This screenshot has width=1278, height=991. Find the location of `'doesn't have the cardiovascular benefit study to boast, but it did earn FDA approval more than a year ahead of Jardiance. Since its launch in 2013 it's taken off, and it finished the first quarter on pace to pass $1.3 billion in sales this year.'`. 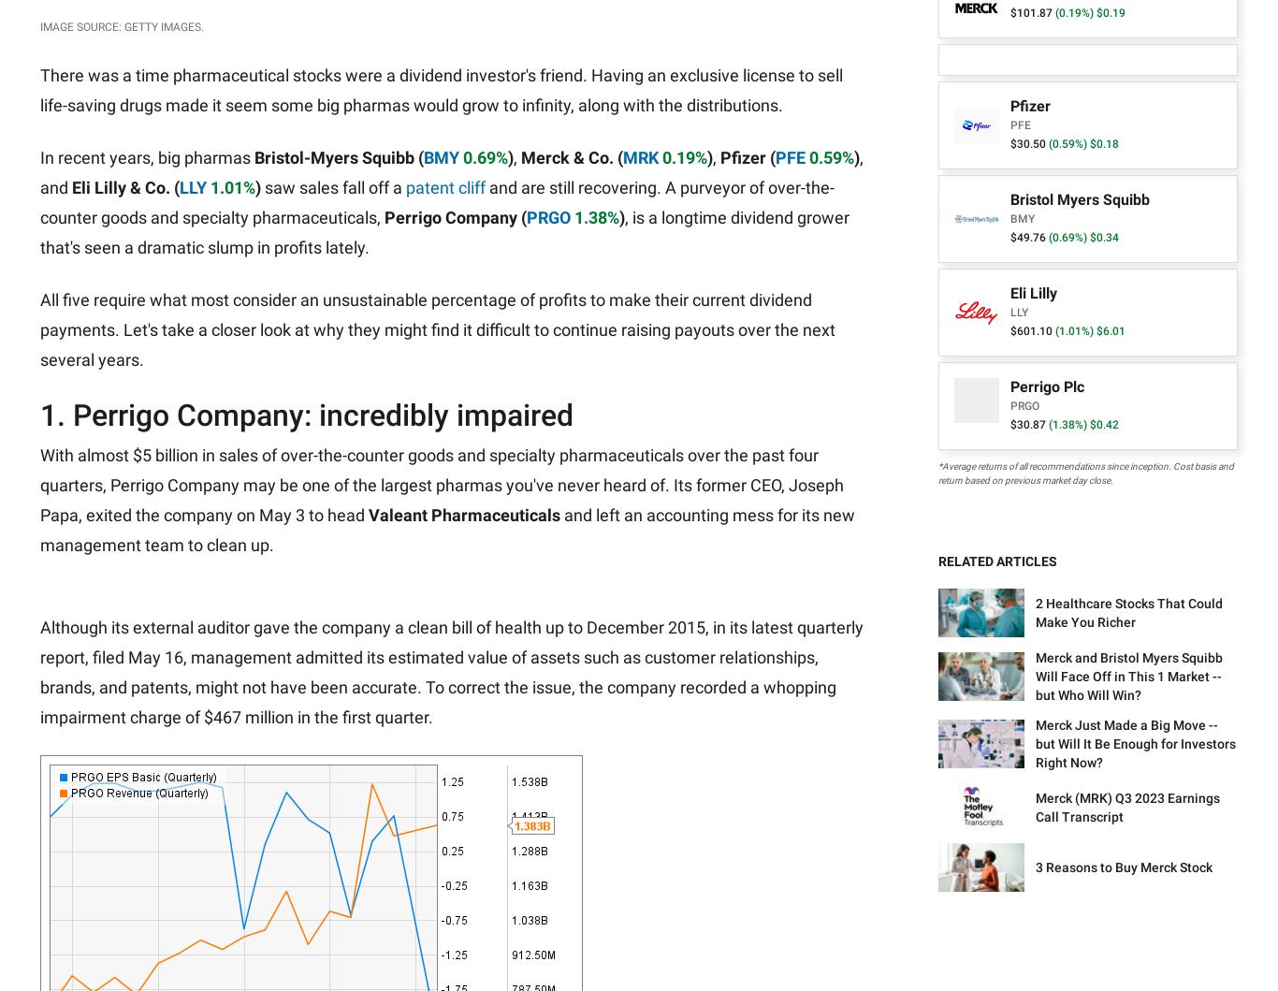

'doesn't have the cardiovascular benefit study to boast, but it did earn FDA approval more than a year ahead of Jardiance. Since its launch in 2013 it's taken off, and it finished the first quarter on pace to pass $1.3 billion in sales this year.' is located at coordinates (443, 316).